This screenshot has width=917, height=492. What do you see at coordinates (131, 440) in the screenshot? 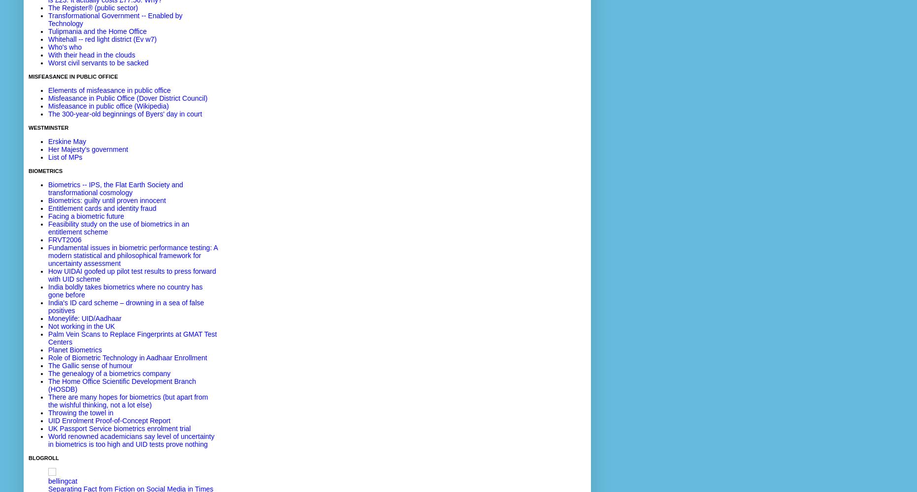
I see `'World renowned academicians say level of uncertainty in biometrics is too high and UID tests prove nothing'` at bounding box center [131, 440].